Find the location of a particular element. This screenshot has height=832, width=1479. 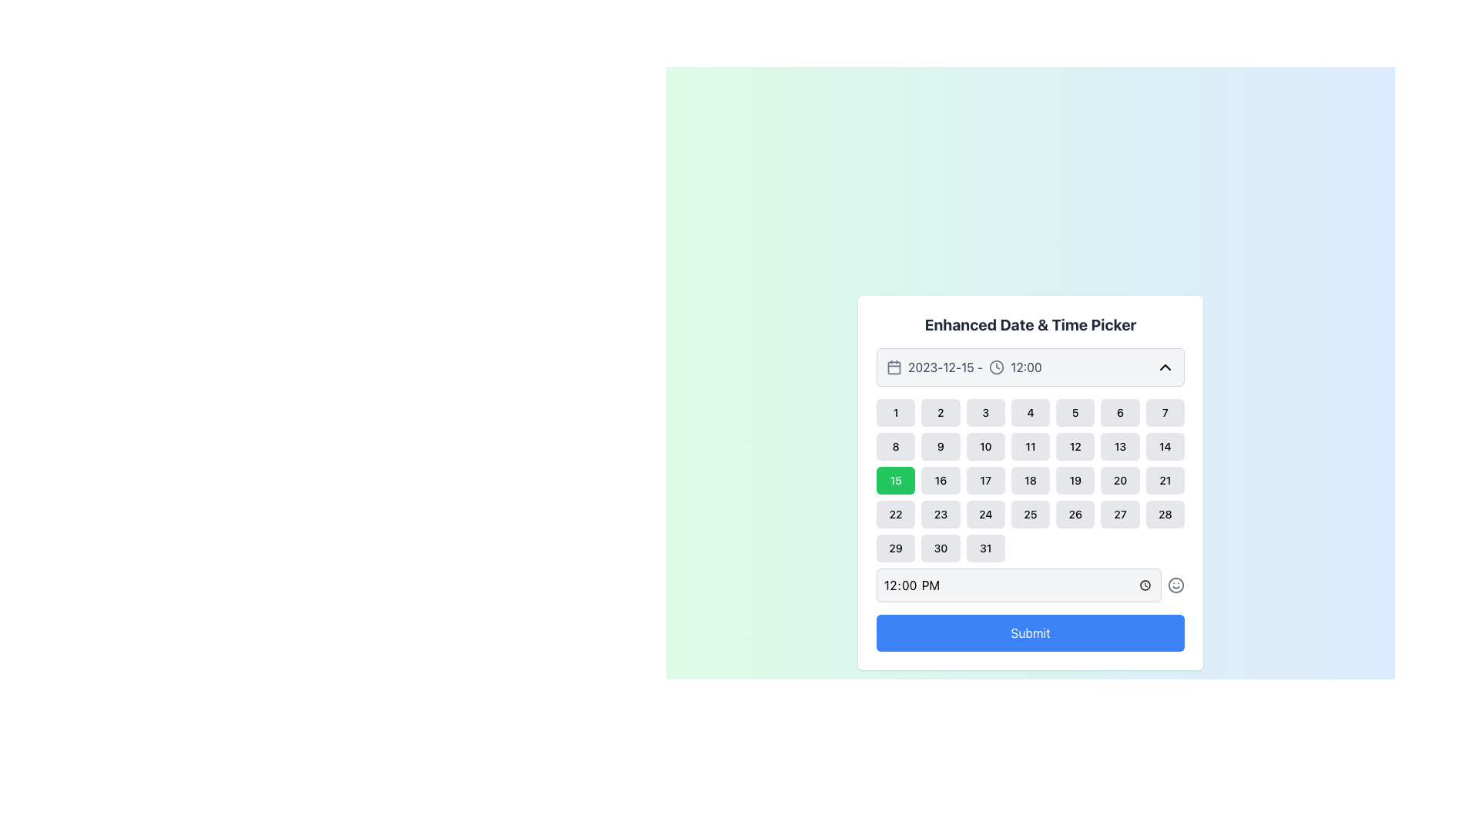

the submit button located at the bottom of the 'Enhanced Date & Time Picker' panel is located at coordinates (1031, 632).